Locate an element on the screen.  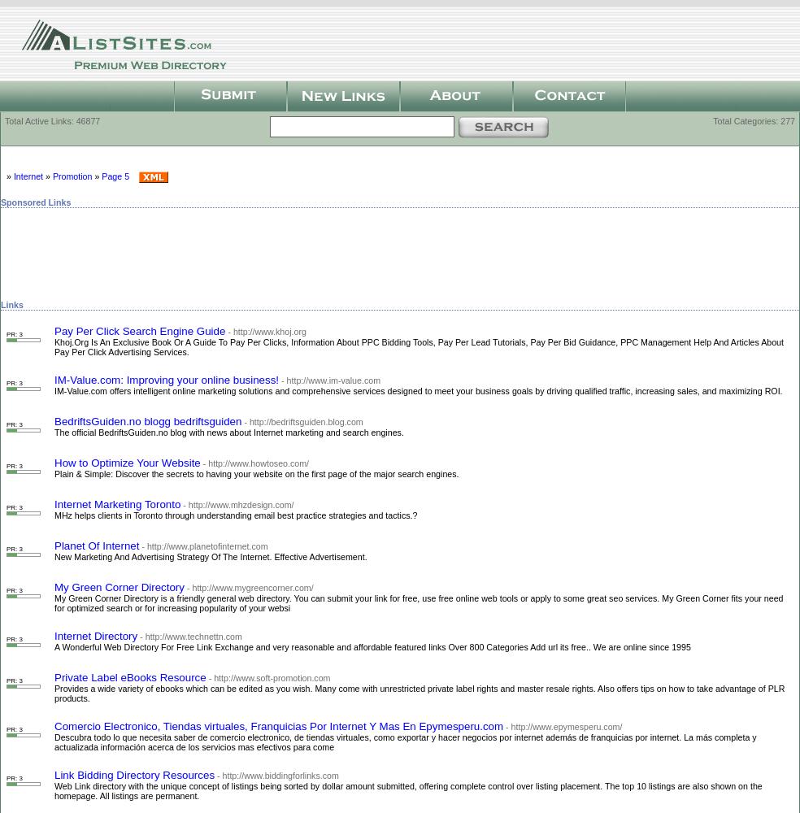
'Internet' is located at coordinates (27, 176).